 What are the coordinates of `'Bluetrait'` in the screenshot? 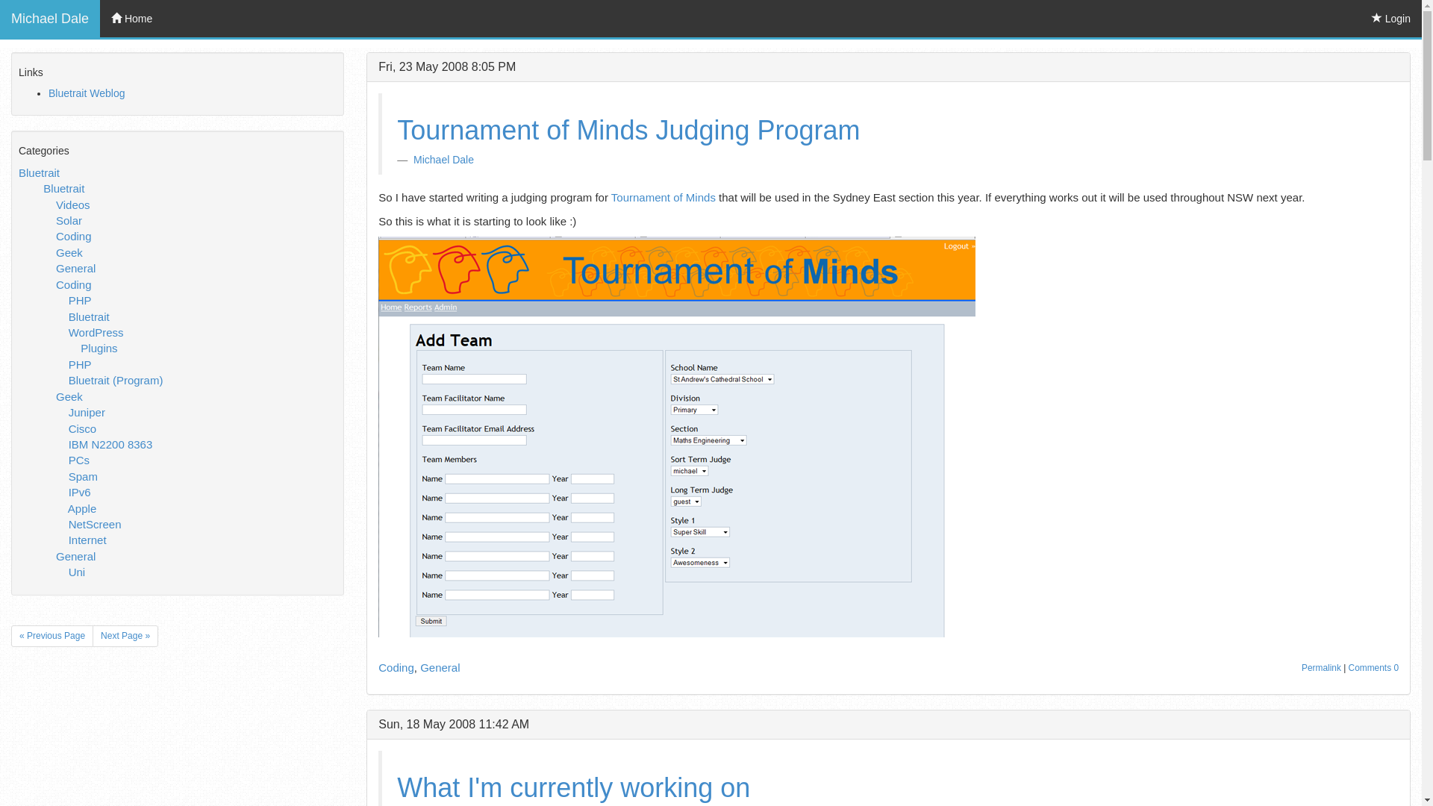 It's located at (39, 172).